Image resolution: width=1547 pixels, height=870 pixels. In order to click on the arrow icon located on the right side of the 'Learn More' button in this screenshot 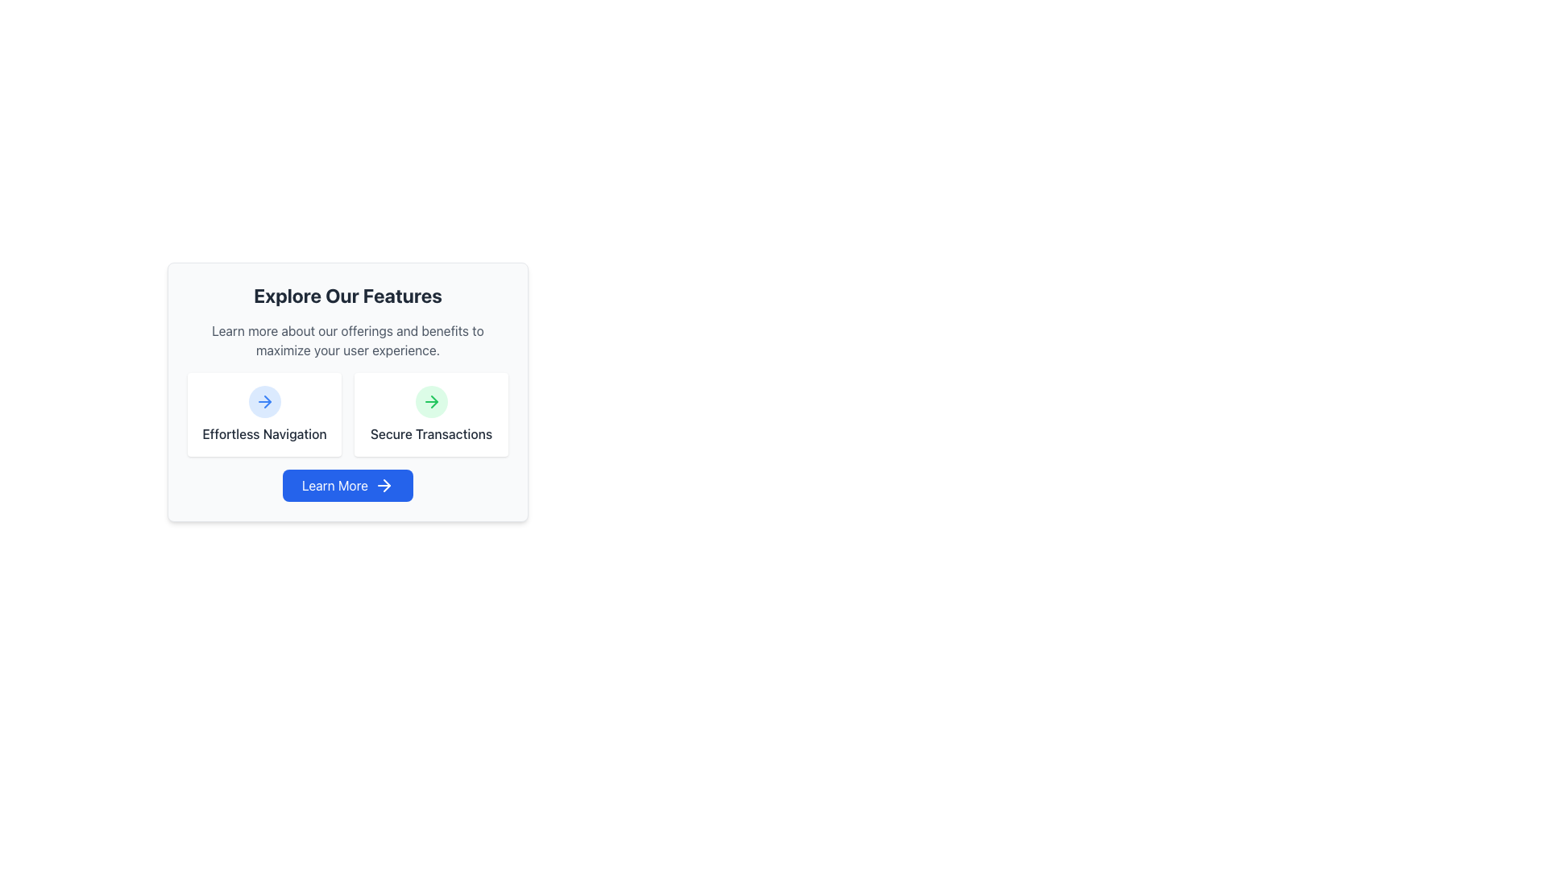, I will do `click(384, 484)`.